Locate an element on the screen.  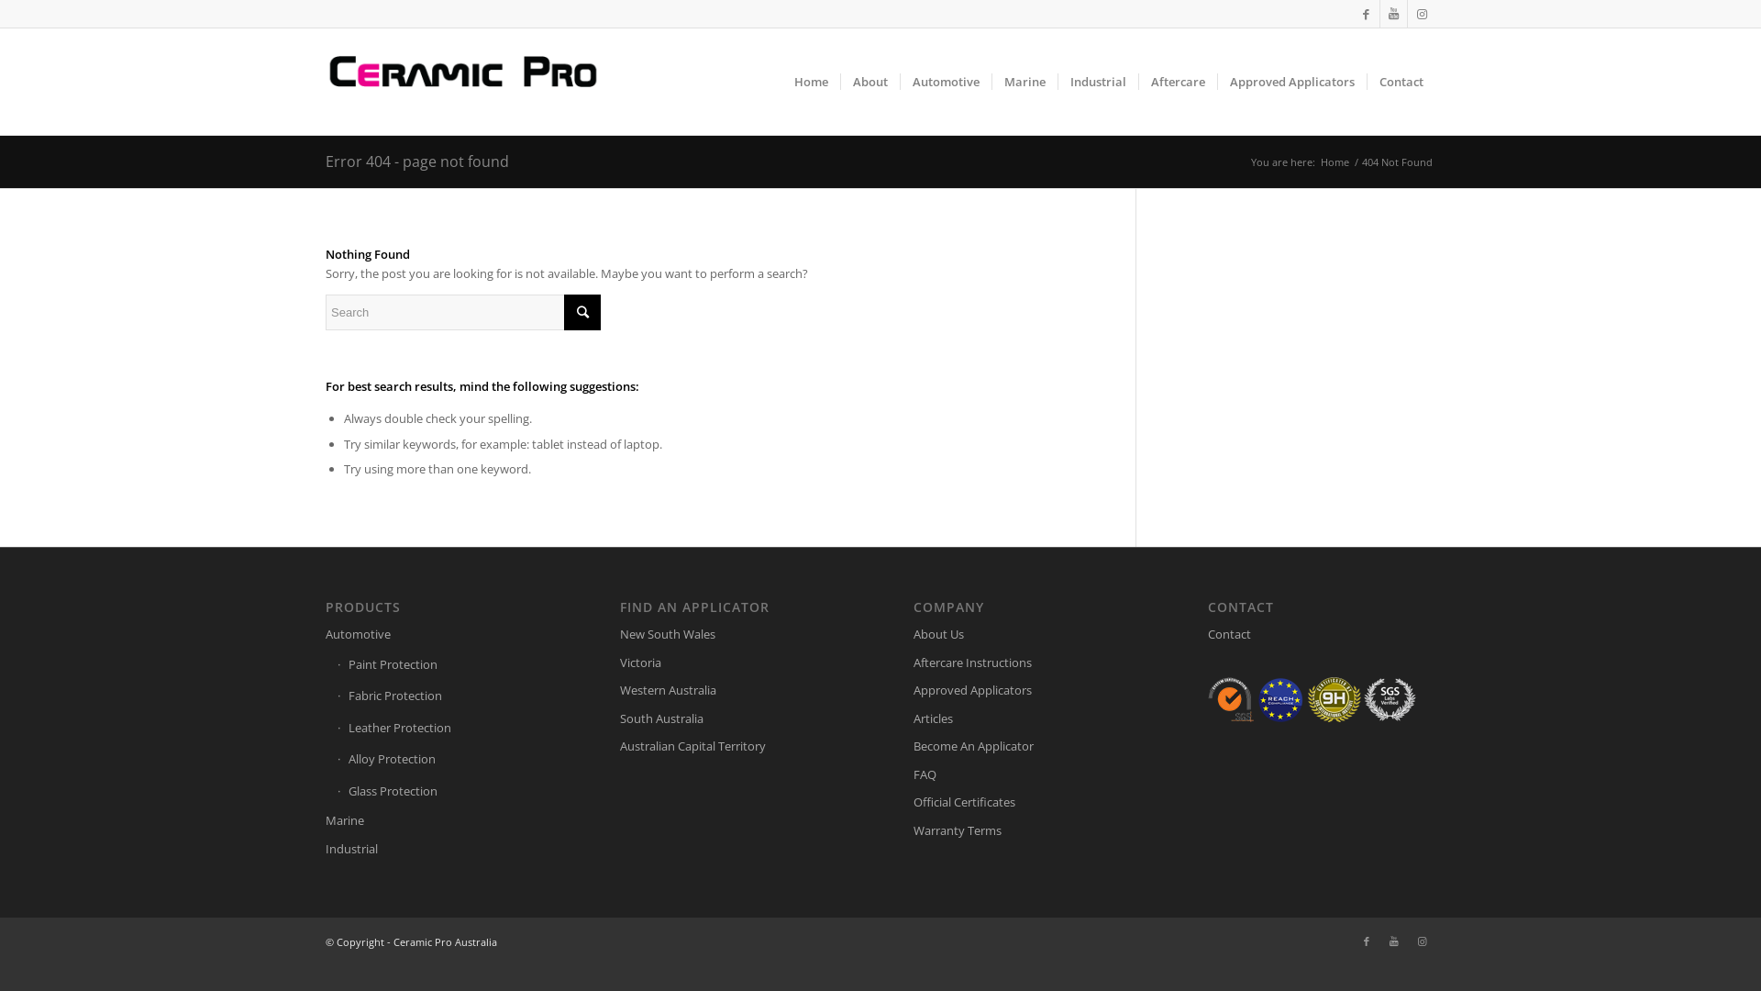
'Home' is located at coordinates (1335, 161).